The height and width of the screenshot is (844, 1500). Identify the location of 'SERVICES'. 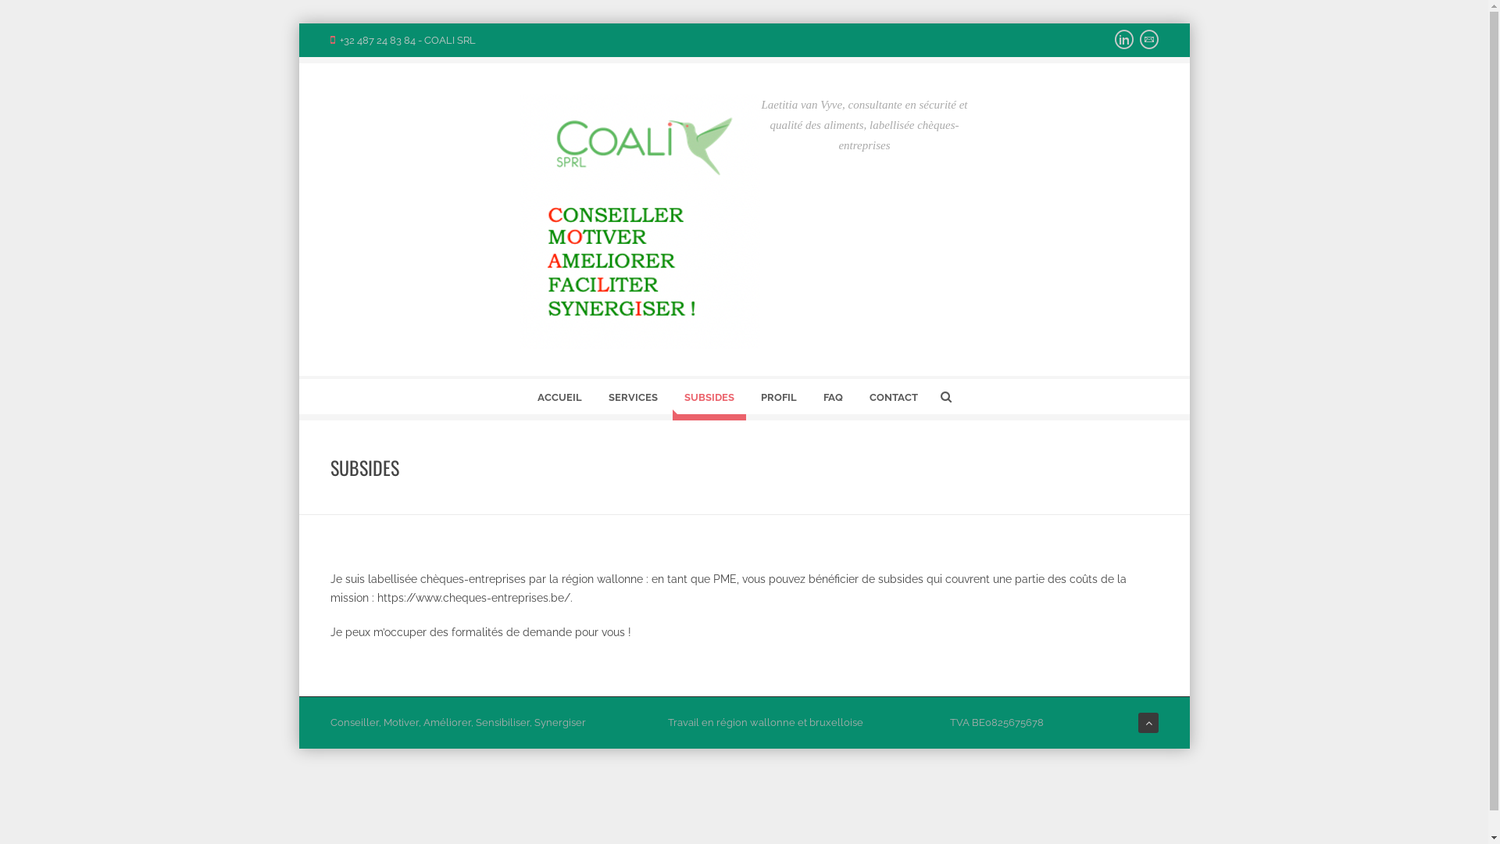
(595, 399).